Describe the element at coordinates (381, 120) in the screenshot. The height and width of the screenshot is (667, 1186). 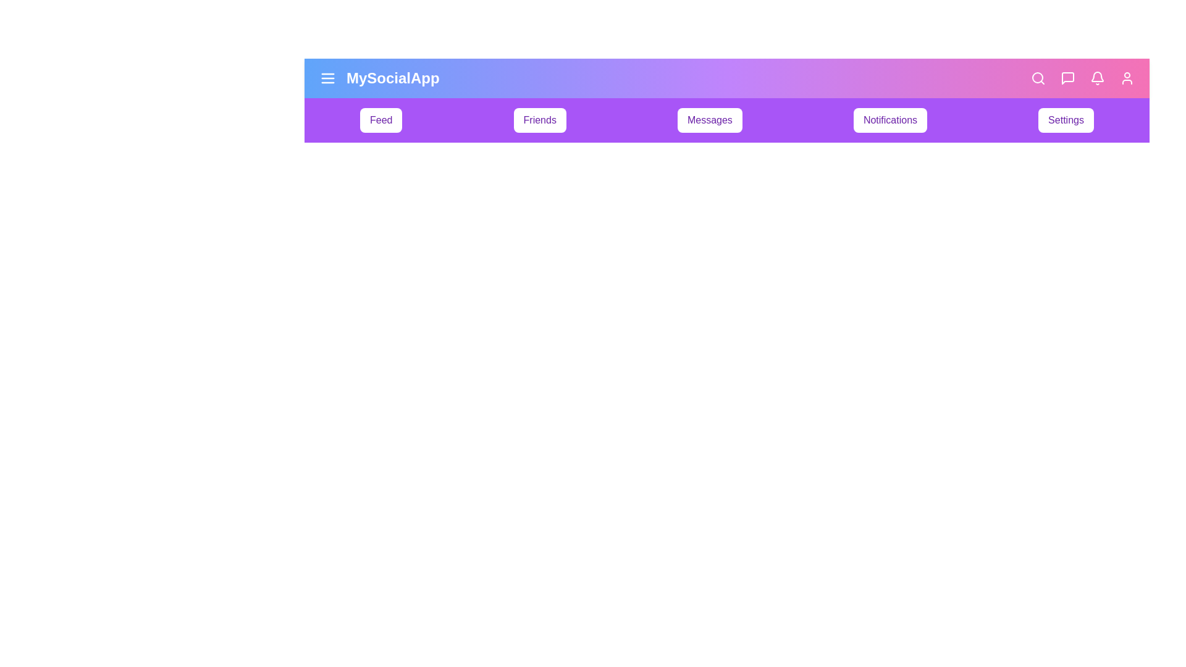
I see `the menu item labeled Feed in the navigation bar` at that location.